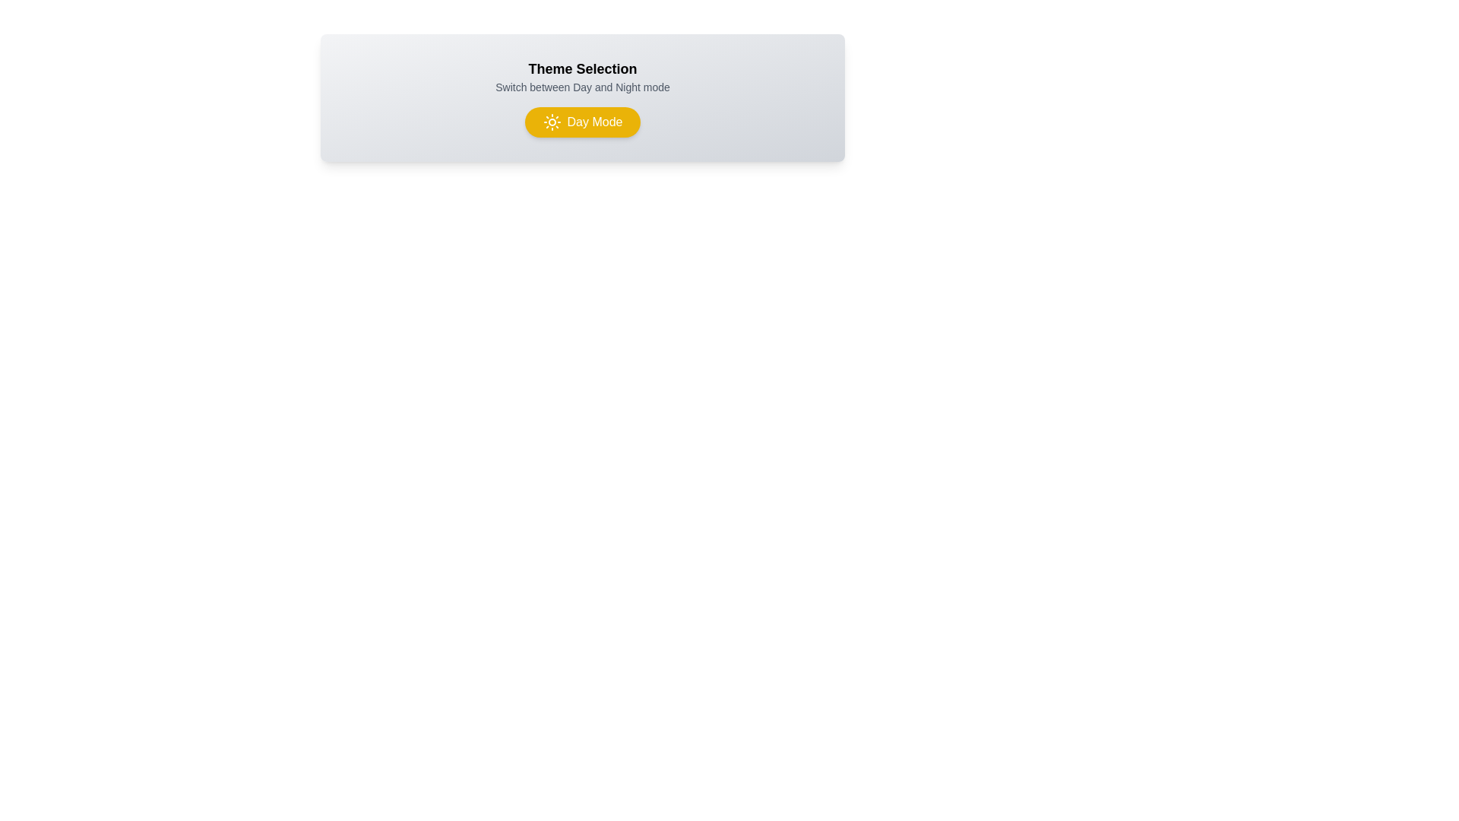 Image resolution: width=1459 pixels, height=821 pixels. I want to click on the button to observe the transition effect, so click(582, 122).